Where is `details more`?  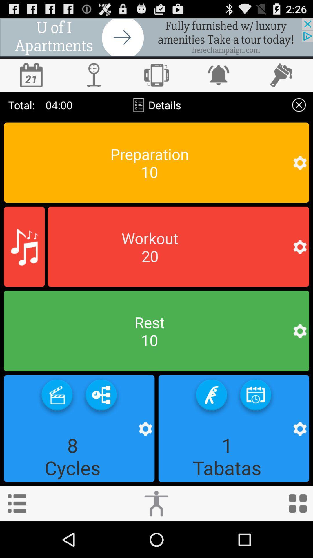 details more is located at coordinates (299, 105).